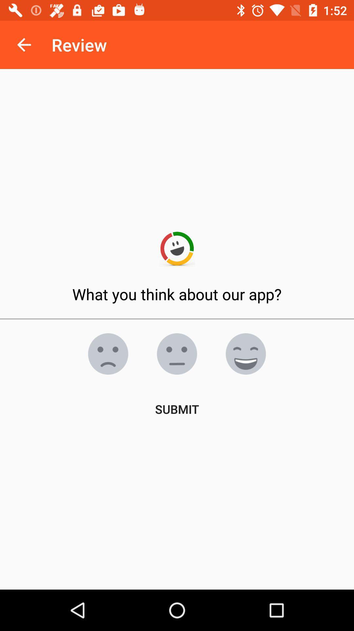  Describe the element at coordinates (108, 353) in the screenshot. I see `the emoji icon` at that location.